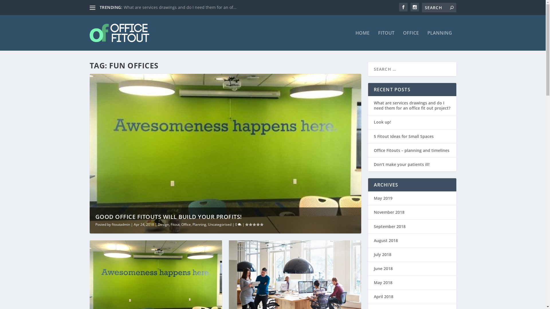 The height and width of the screenshot is (309, 550). Describe the element at coordinates (362, 40) in the screenshot. I see `'HOME'` at that location.